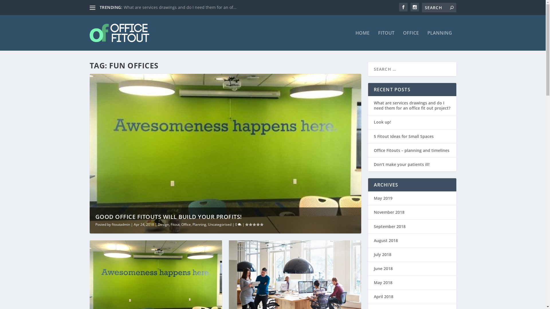 The height and width of the screenshot is (309, 550). Describe the element at coordinates (362, 40) in the screenshot. I see `'HOME'` at that location.